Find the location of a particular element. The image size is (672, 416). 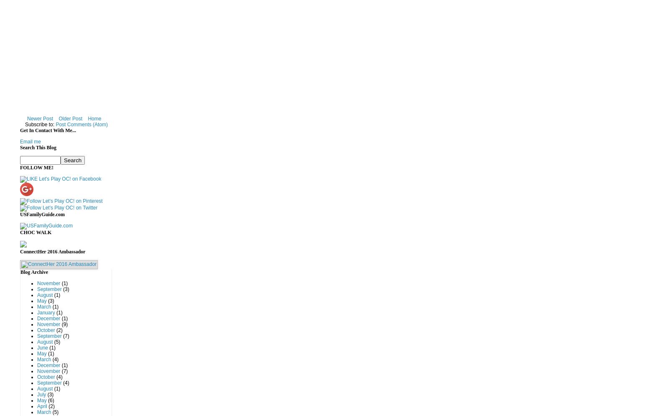

'Blog Archive' is located at coordinates (34, 272).